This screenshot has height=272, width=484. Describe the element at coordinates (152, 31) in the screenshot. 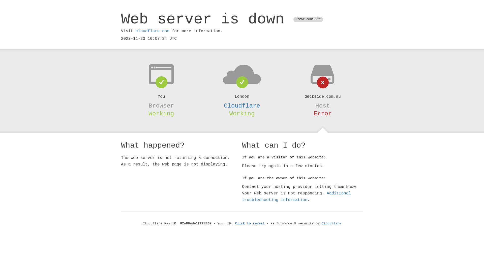

I see `'cloudflare.com'` at that location.